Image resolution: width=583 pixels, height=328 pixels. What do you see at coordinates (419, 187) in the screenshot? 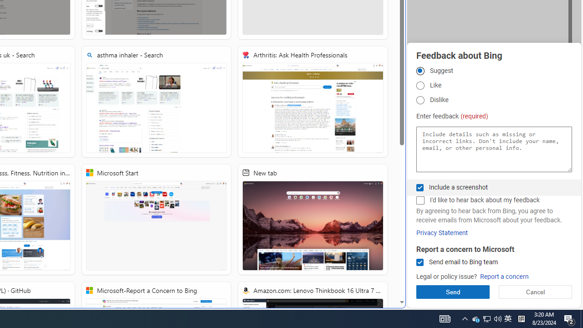
I see `'Include a screenshot'` at bounding box center [419, 187].